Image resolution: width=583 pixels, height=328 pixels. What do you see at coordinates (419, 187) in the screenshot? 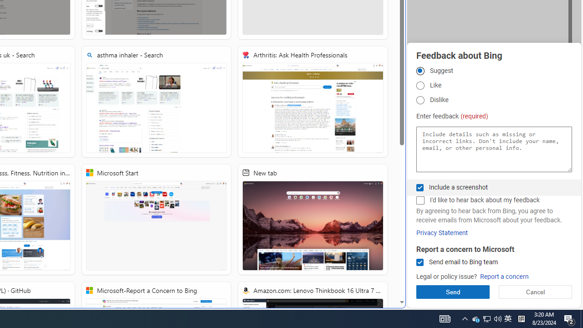
I see `'Include a screenshot'` at bounding box center [419, 187].